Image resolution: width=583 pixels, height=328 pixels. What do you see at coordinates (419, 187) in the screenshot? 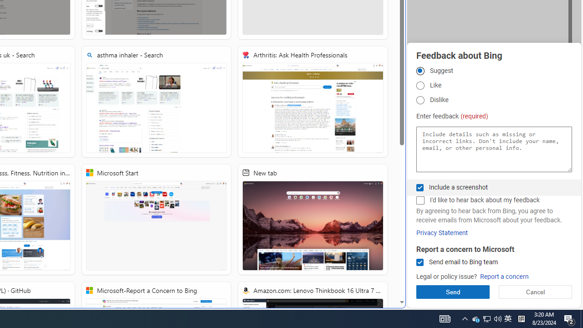
I see `'Include a screenshot'` at bounding box center [419, 187].